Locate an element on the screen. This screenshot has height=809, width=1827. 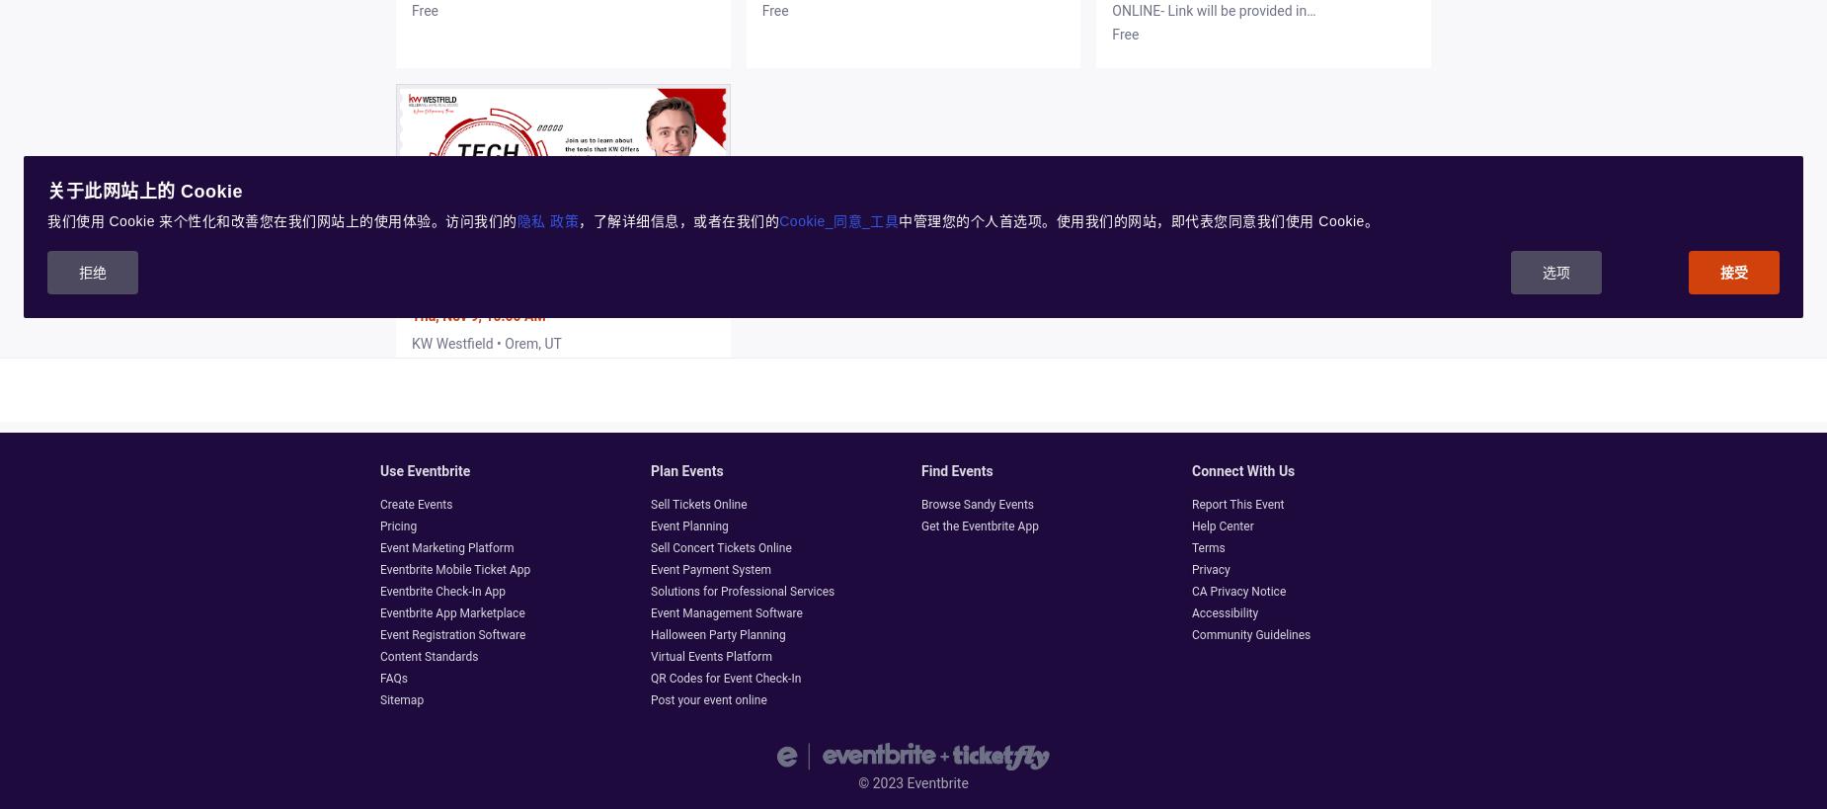
'Connect with us' is located at coordinates (1241, 469).